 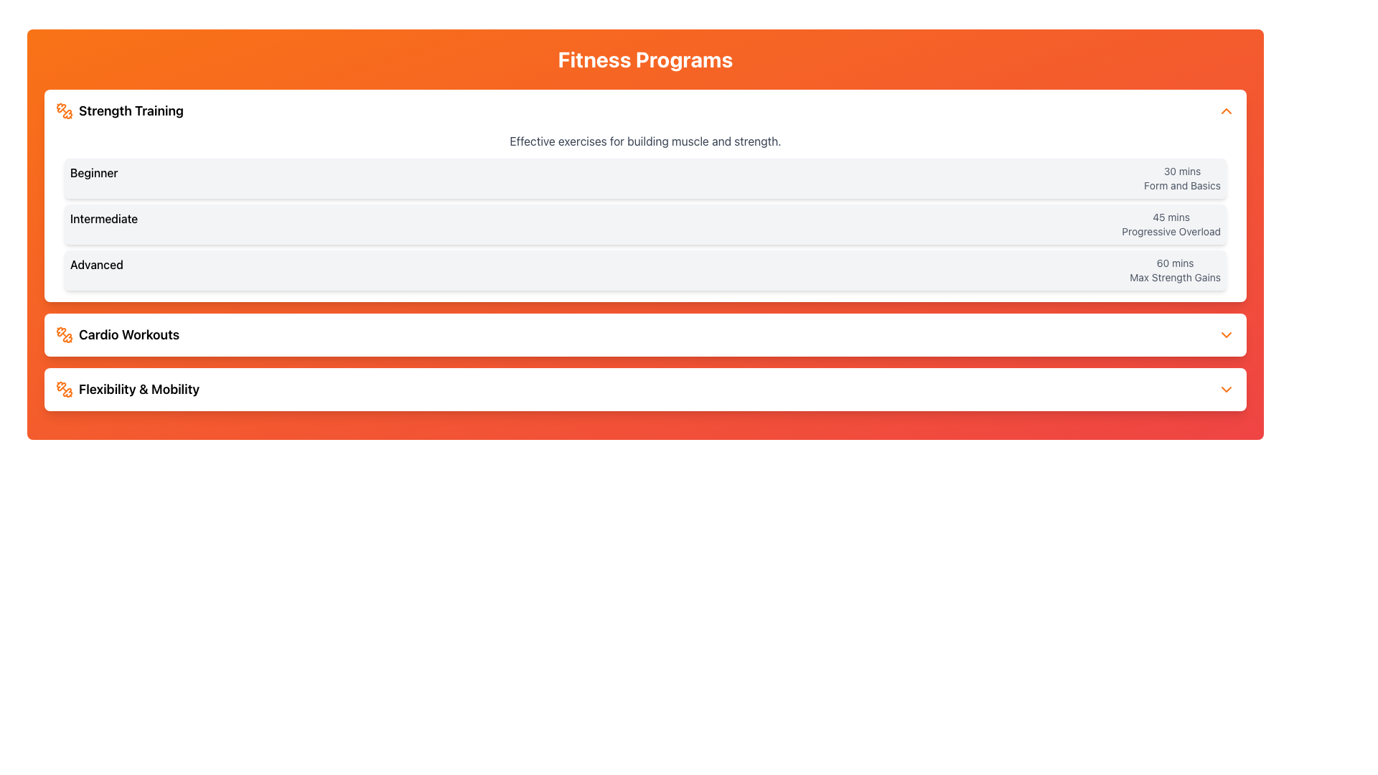 What do you see at coordinates (1175, 277) in the screenshot?
I see `the static text label providing additional description about the training program duration located in the 'Advanced' row of the 'Strength Training' category` at bounding box center [1175, 277].